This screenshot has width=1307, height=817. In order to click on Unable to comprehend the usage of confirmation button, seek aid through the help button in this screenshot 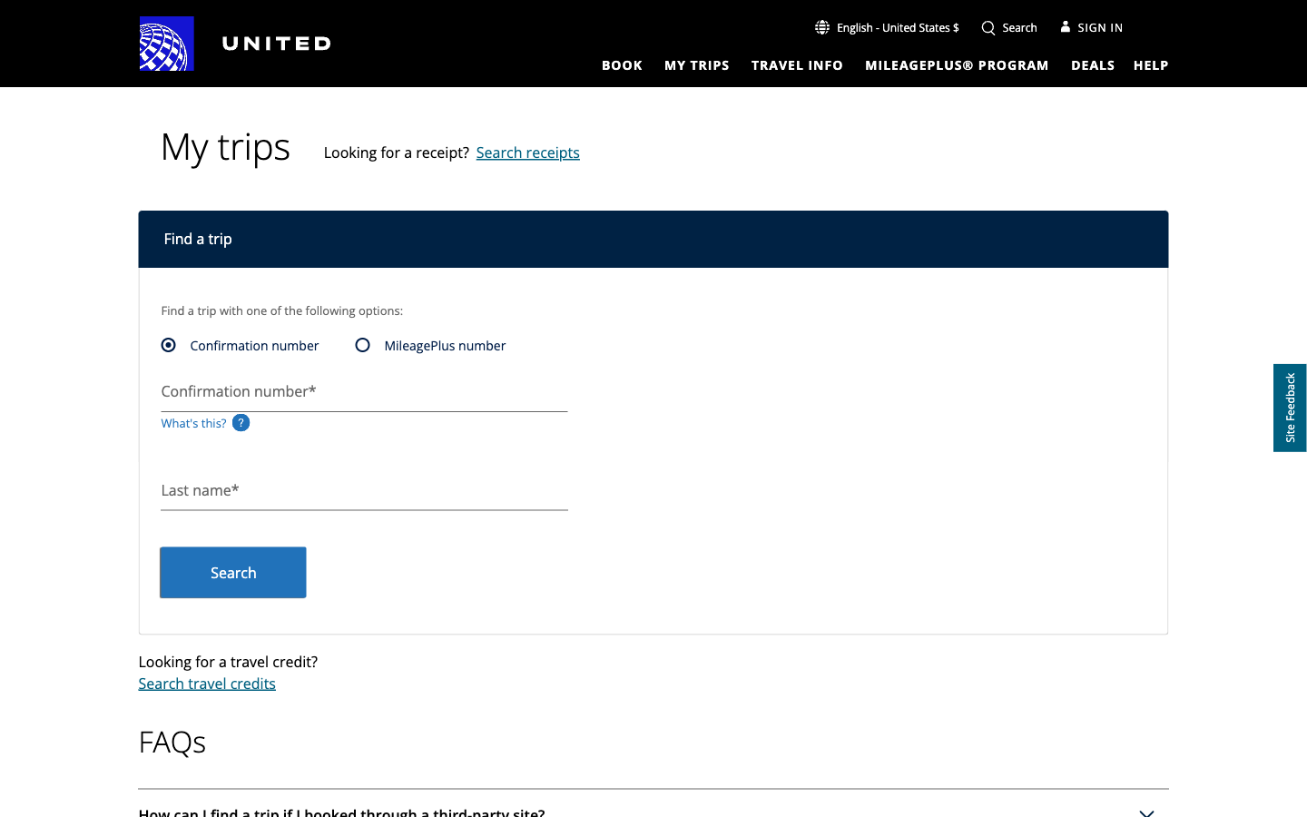, I will do `click(1151, 64)`.